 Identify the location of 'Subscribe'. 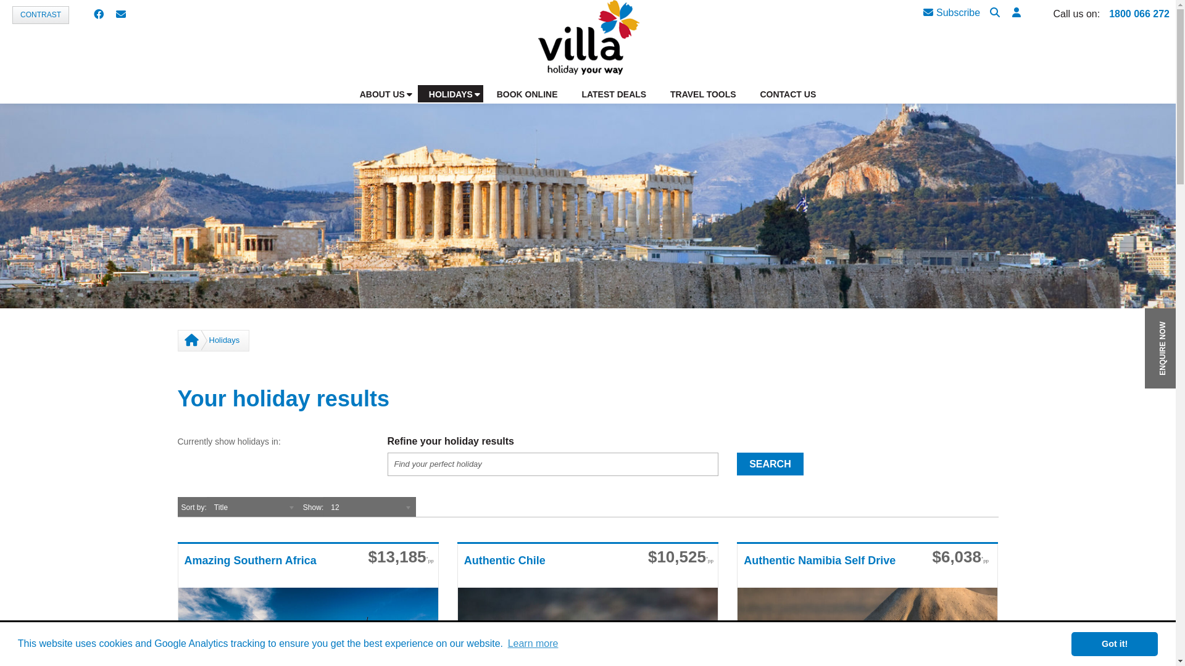
(950, 13).